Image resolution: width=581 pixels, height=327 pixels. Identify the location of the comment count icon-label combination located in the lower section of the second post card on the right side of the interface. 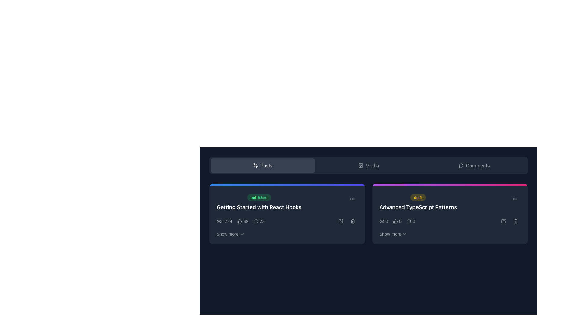
(411, 221).